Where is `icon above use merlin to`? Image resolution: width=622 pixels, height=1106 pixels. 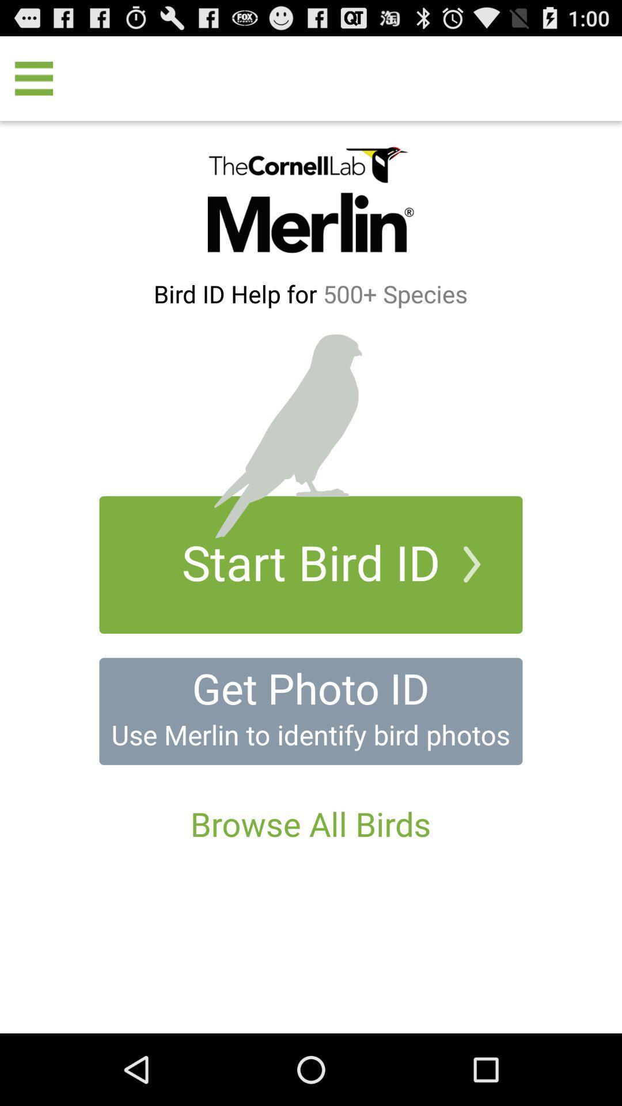
icon above use merlin to is located at coordinates (310, 688).